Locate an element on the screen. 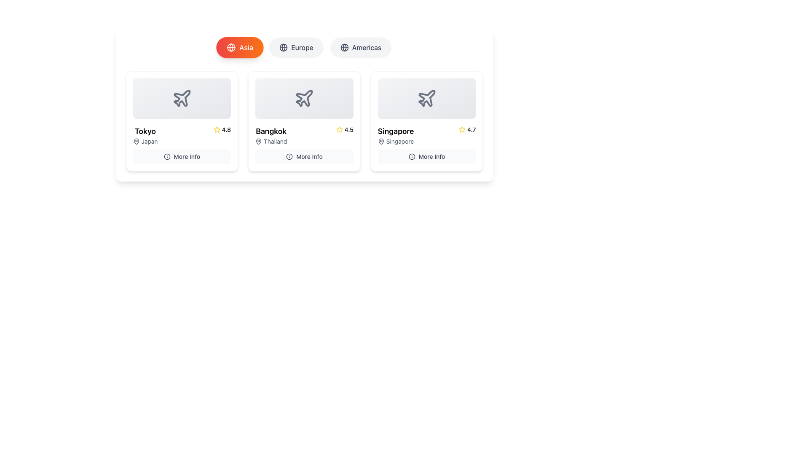  the 'More Info' button located at the bottom-right corner of the third card in the series is located at coordinates (427, 156).